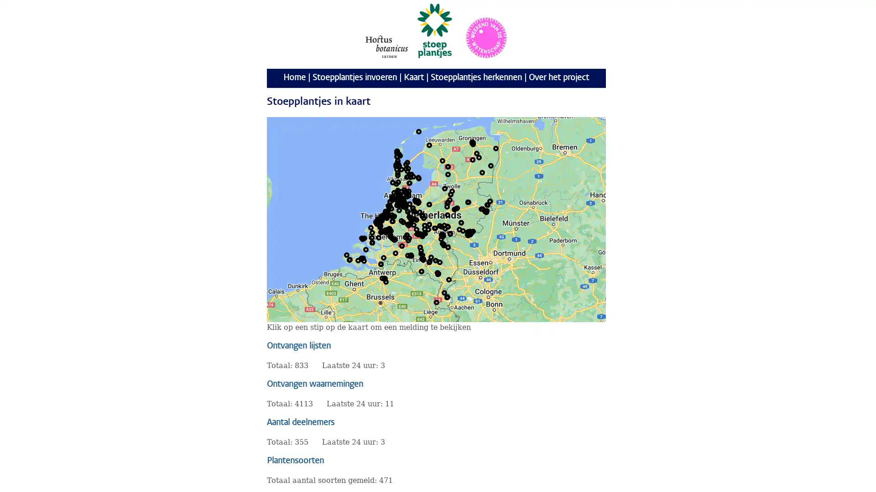 The image size is (876, 492). I want to click on Telling van op 12 november 2021, so click(396, 156).